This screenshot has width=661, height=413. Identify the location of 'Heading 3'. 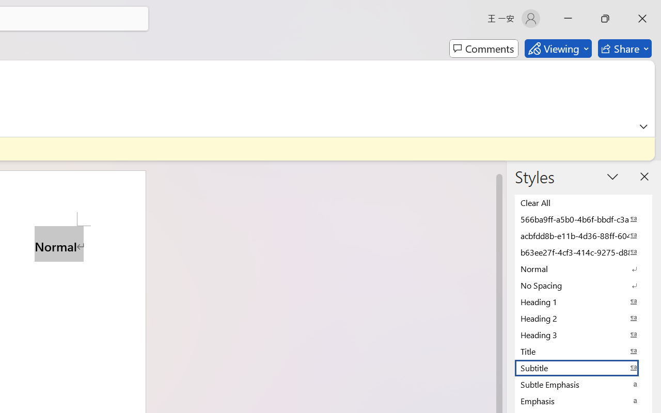
(584, 334).